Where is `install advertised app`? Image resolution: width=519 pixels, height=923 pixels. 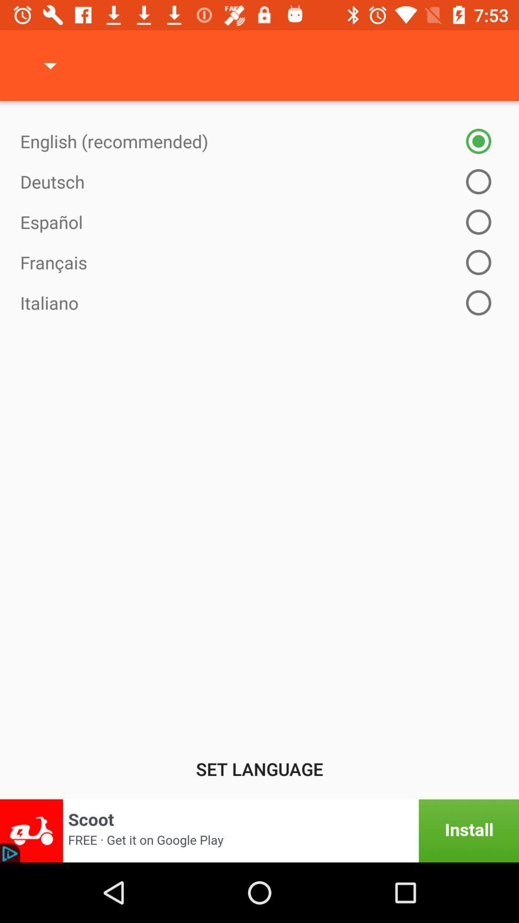 install advertised app is located at coordinates (259, 830).